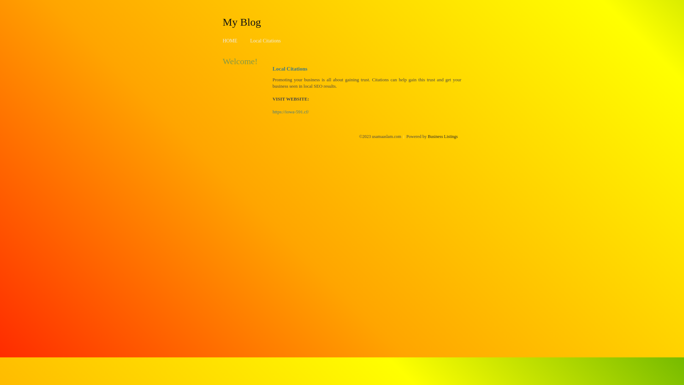  What do you see at coordinates (442, 136) in the screenshot?
I see `'Business Listings'` at bounding box center [442, 136].